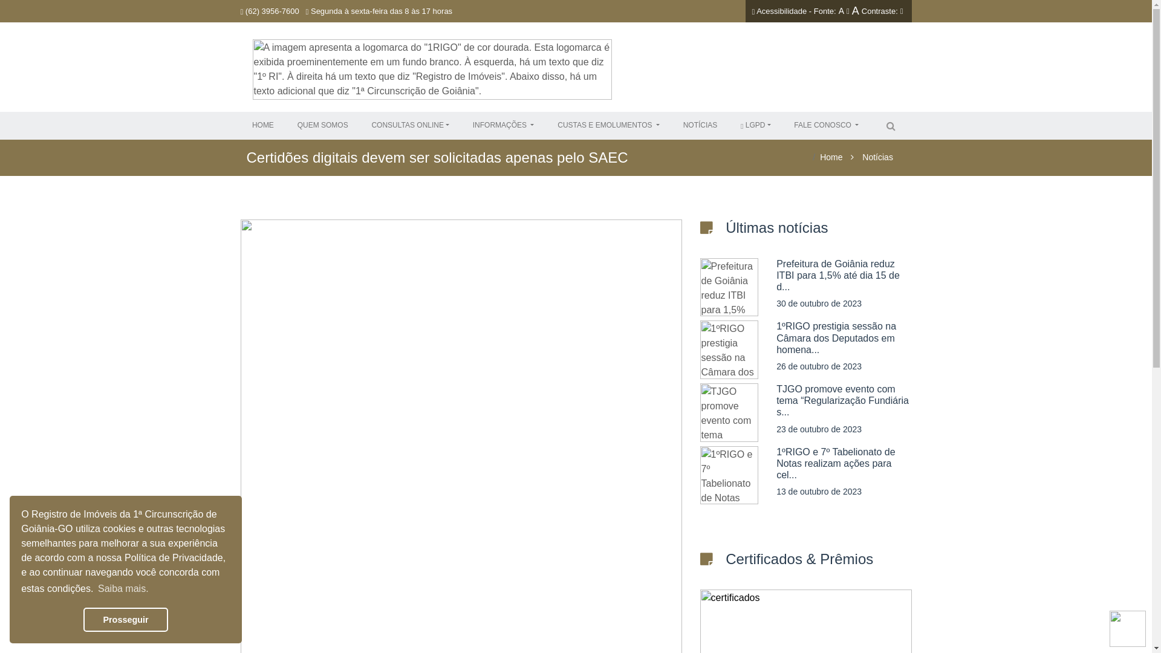 This screenshot has height=653, width=1161. I want to click on 'Acessibilidade', so click(756, 11).